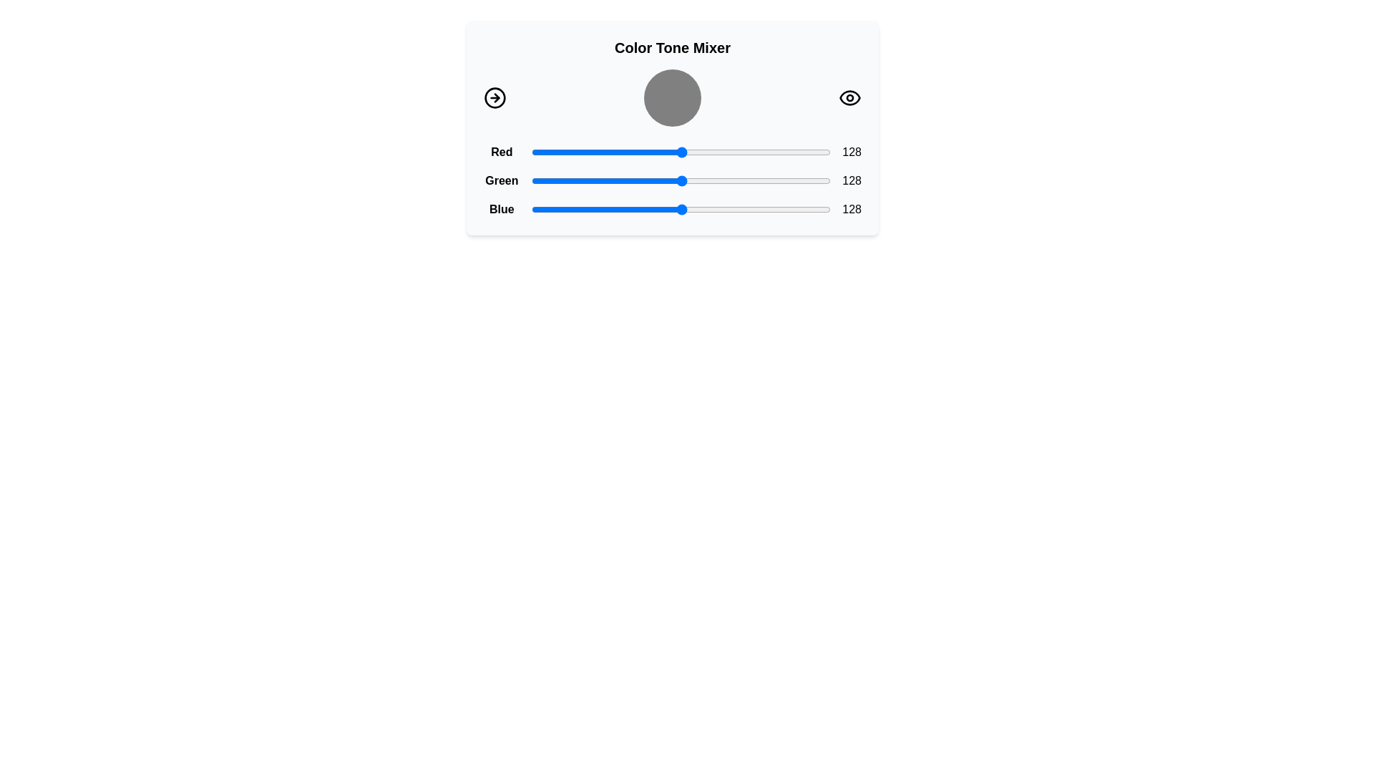 This screenshot has height=773, width=1374. Describe the element at coordinates (672, 152) in the screenshot. I see `the first slider in the vertical stack for adjusting the red color component in the Color Tone Mixer` at that location.